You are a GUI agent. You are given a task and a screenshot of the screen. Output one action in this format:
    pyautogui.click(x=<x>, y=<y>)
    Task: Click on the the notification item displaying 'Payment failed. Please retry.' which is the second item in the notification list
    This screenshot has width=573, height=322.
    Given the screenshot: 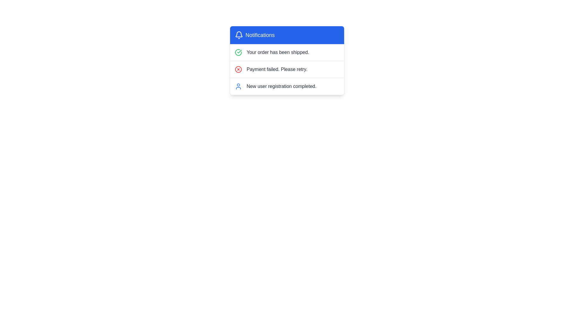 What is the action you would take?
    pyautogui.click(x=287, y=69)
    